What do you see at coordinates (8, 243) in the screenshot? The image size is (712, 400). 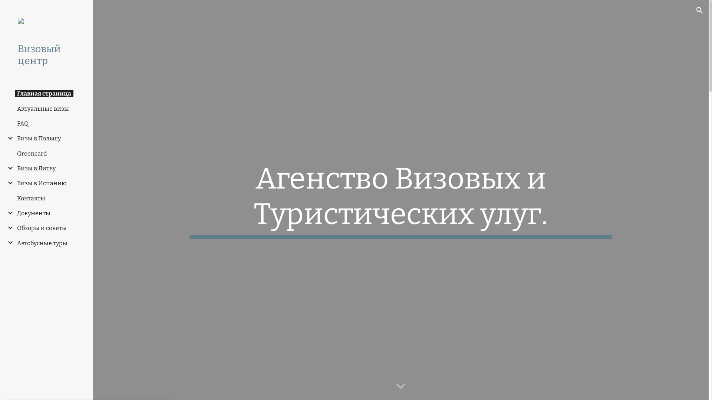 I see `'Expand/Collapse'` at bounding box center [8, 243].